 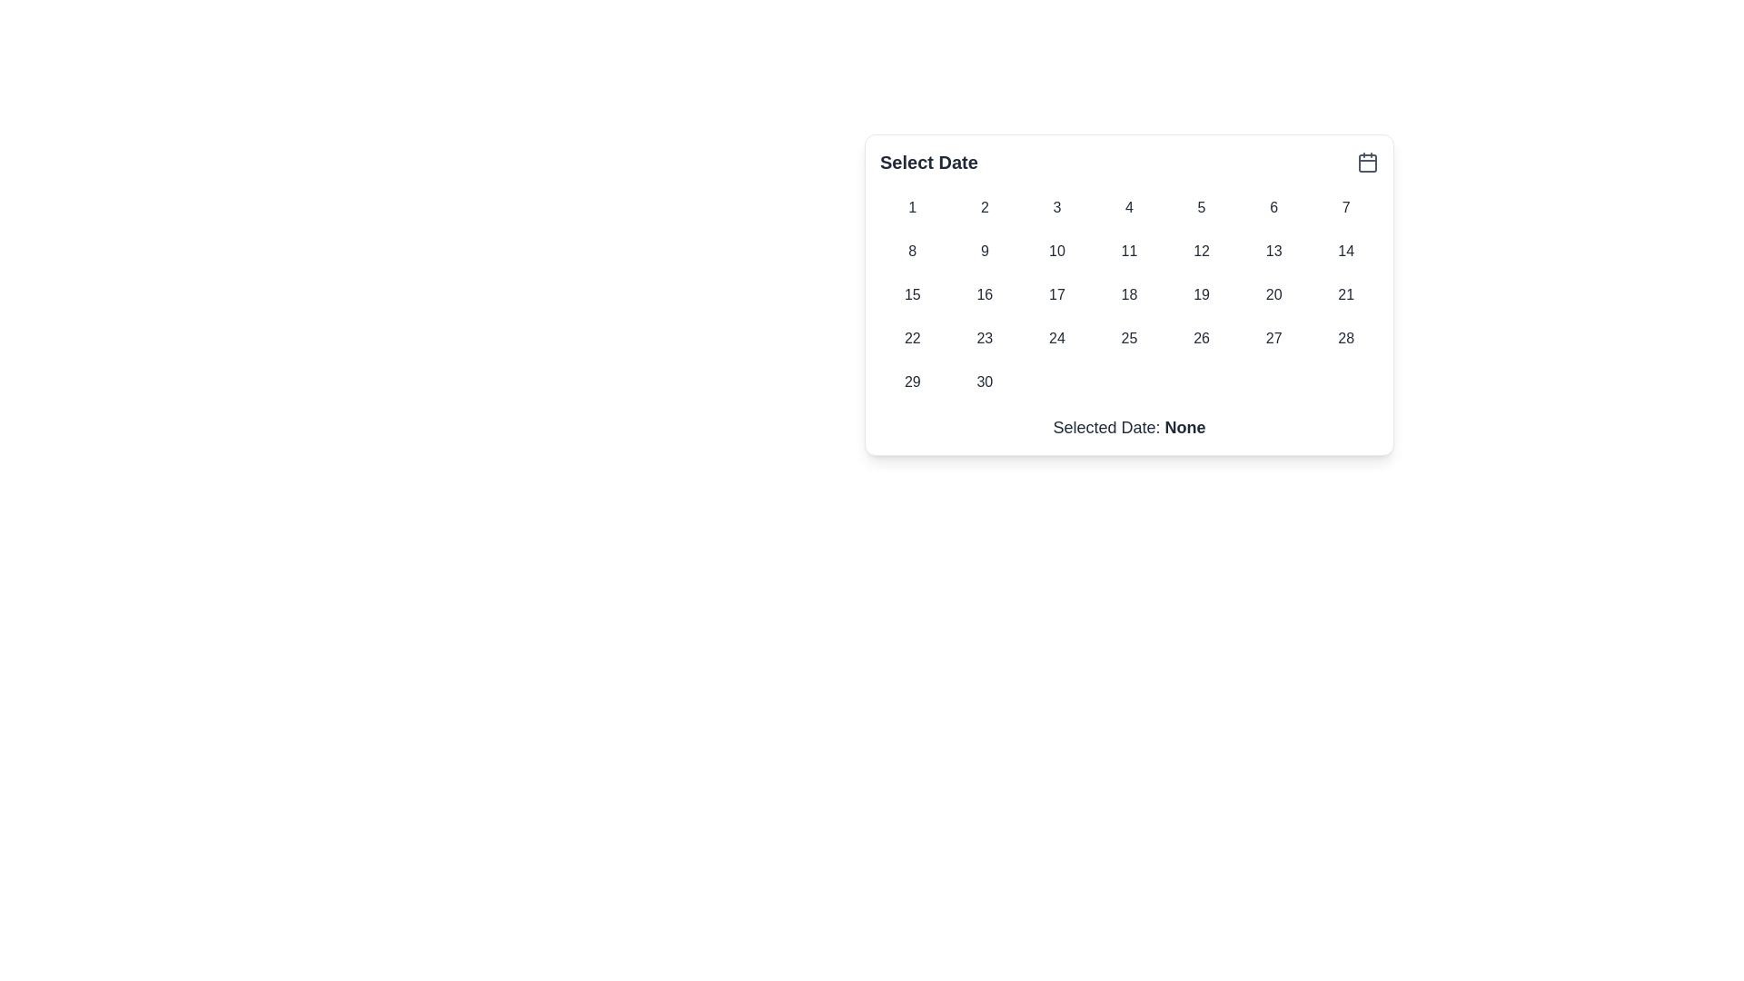 I want to click on the button displaying the number '7' for keyboard navigation, so click(x=1346, y=206).